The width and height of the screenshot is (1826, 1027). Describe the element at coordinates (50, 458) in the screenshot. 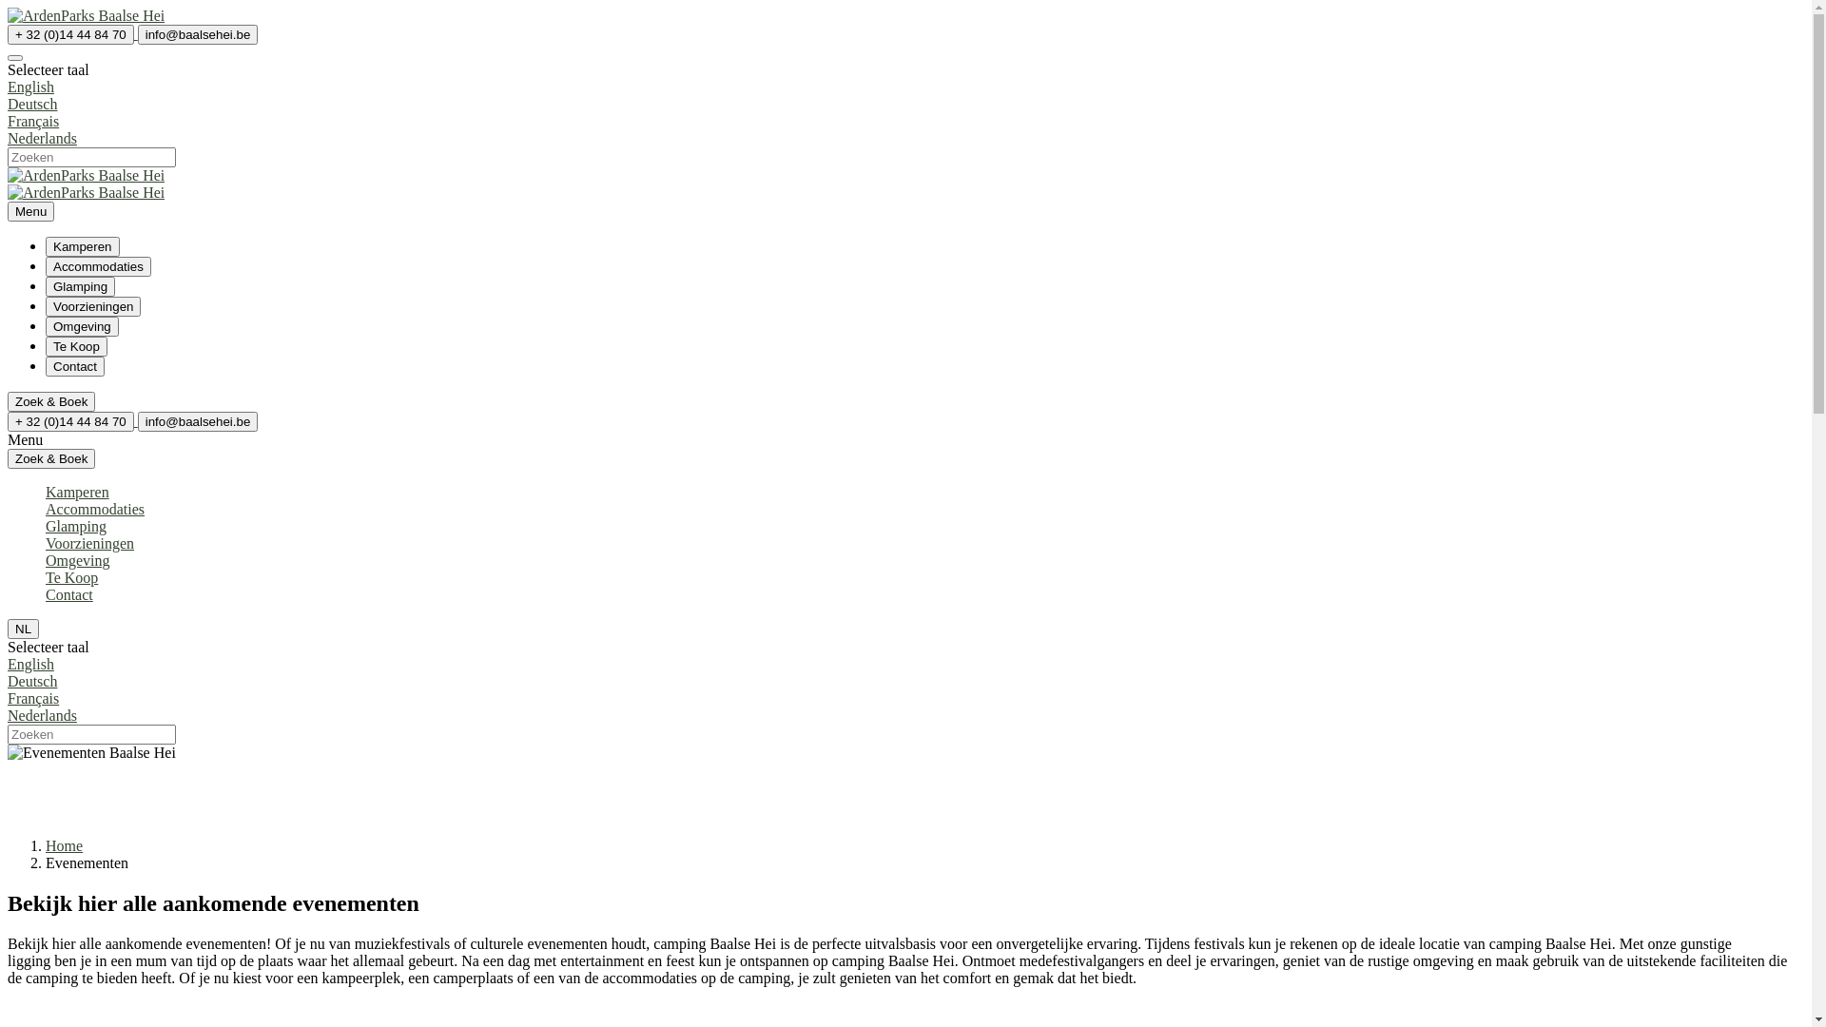

I see `'Zoek & Boek'` at that location.